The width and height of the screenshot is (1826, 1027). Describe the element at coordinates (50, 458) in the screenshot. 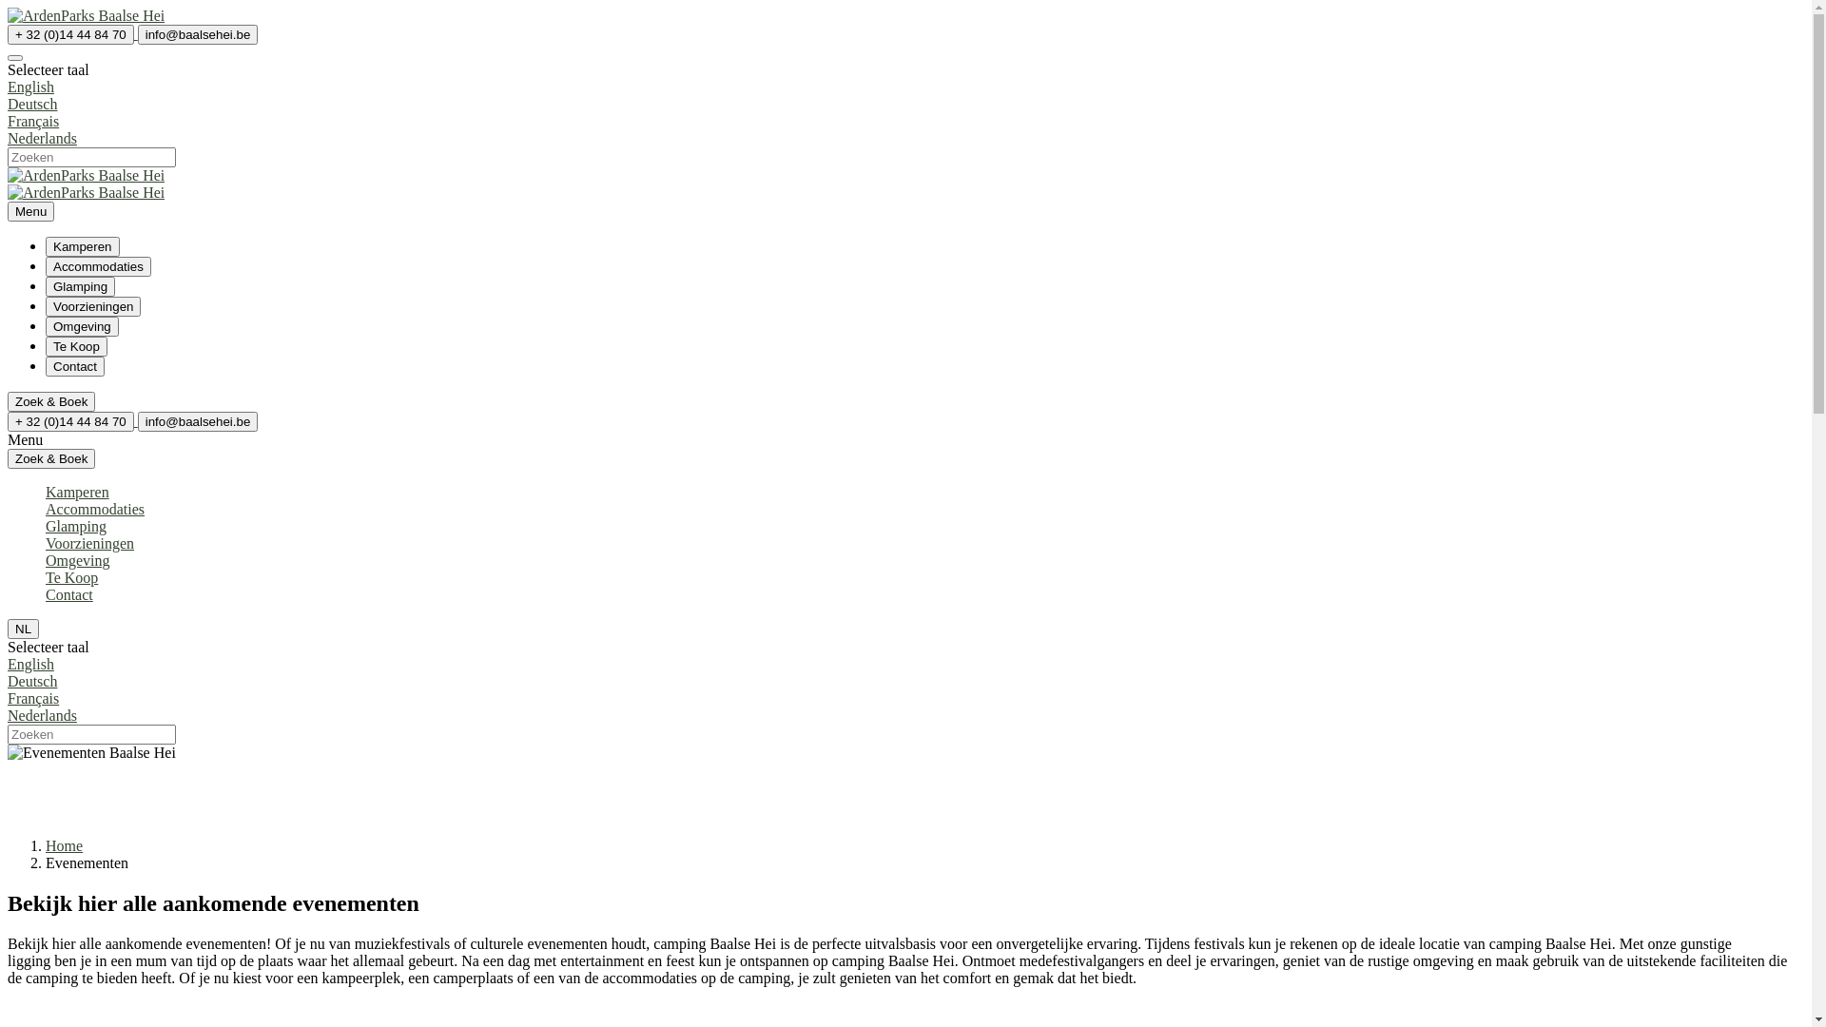

I see `'Zoek & Boek'` at that location.